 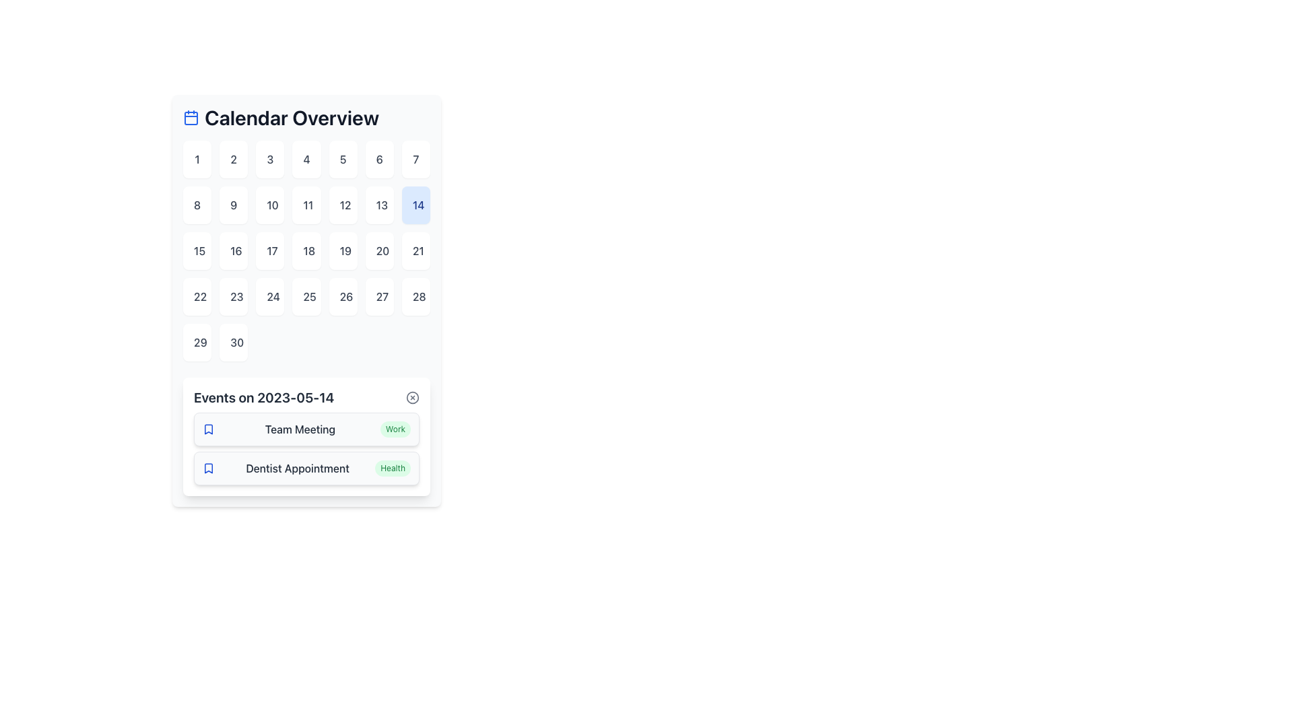 What do you see at coordinates (415, 205) in the screenshot?
I see `the button displaying the number '14' with a blue background and rounded corners located in the second row and seventh column of the calendar grid` at bounding box center [415, 205].